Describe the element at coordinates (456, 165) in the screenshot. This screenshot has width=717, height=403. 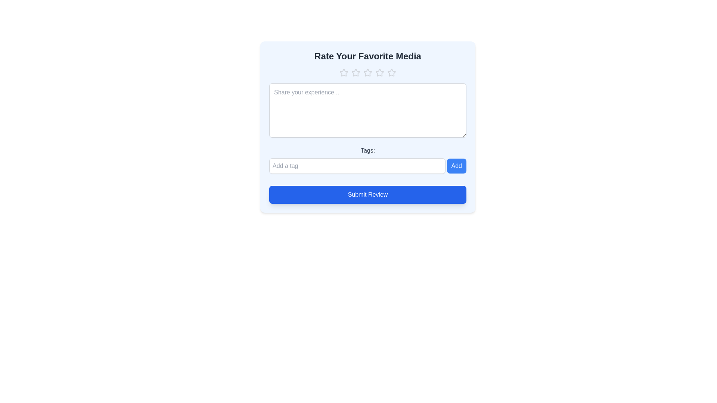
I see `the button located at the right end of the 'Tags' input area to activate hover effects` at that location.